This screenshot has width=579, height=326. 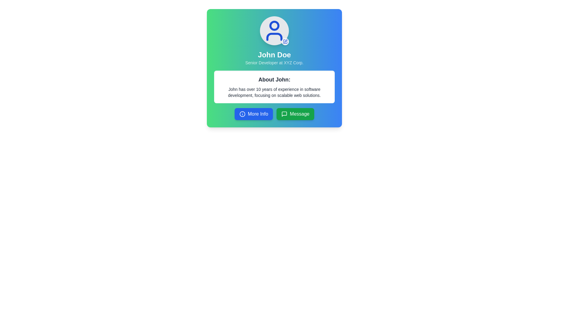 I want to click on the edit icon, which is a small blue pen drawing a square located at the top-right corner of the profile picture in the card layout, to initiate editing, so click(x=285, y=41).